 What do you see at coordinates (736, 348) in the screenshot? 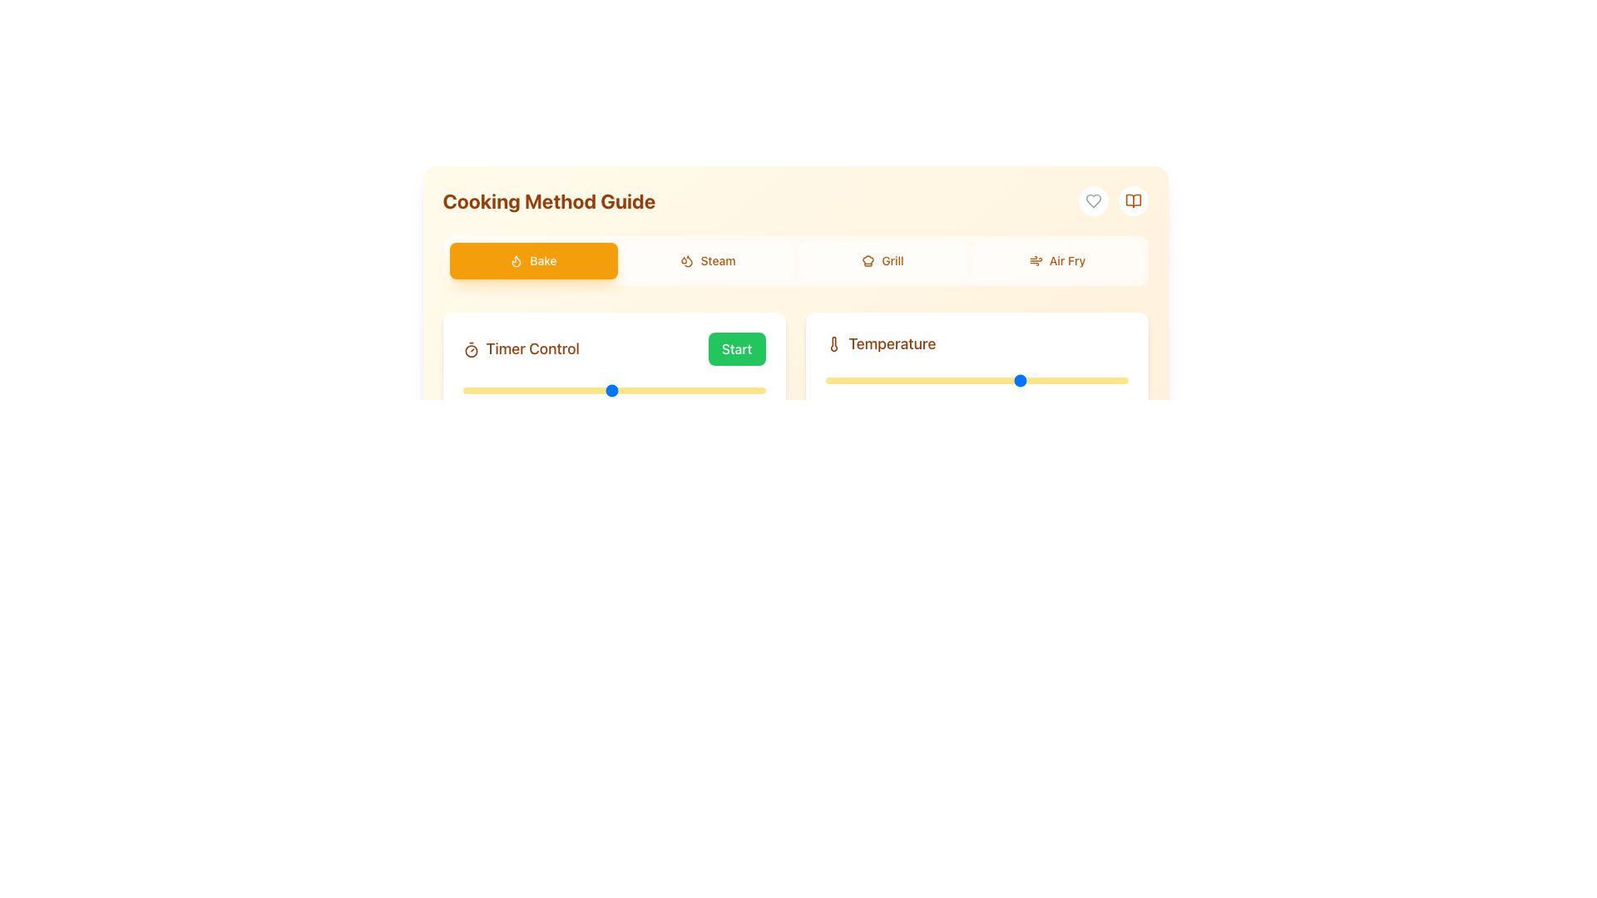
I see `the 'Start' button with rounded corners, a green background, and white text` at bounding box center [736, 348].